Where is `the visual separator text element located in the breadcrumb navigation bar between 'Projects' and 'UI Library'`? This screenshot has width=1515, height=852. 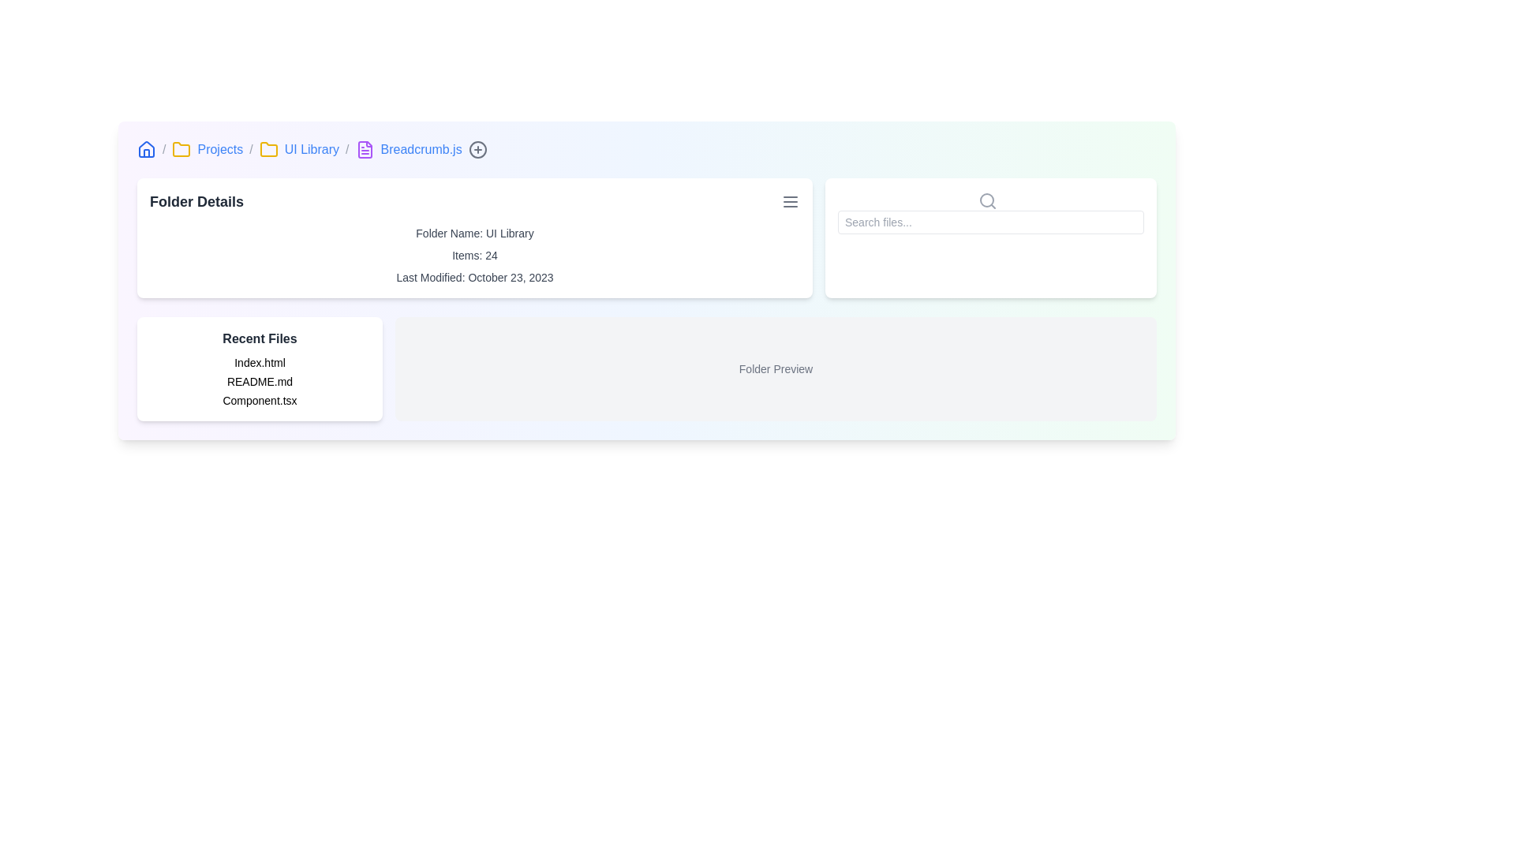
the visual separator text element located in the breadcrumb navigation bar between 'Projects' and 'UI Library' is located at coordinates (250, 149).